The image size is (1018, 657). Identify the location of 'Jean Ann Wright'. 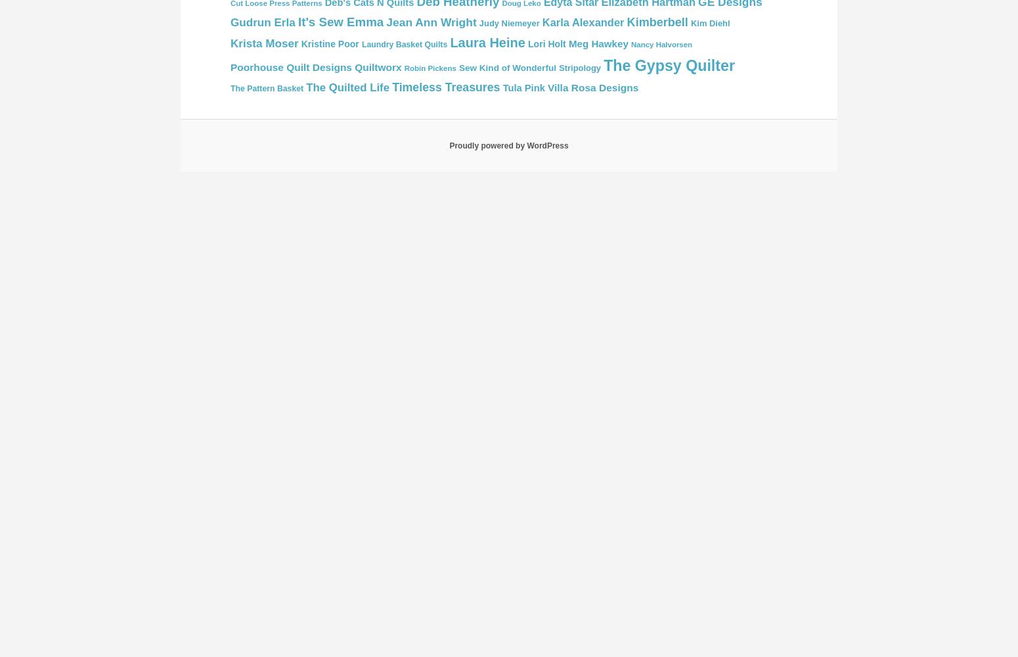
(430, 22).